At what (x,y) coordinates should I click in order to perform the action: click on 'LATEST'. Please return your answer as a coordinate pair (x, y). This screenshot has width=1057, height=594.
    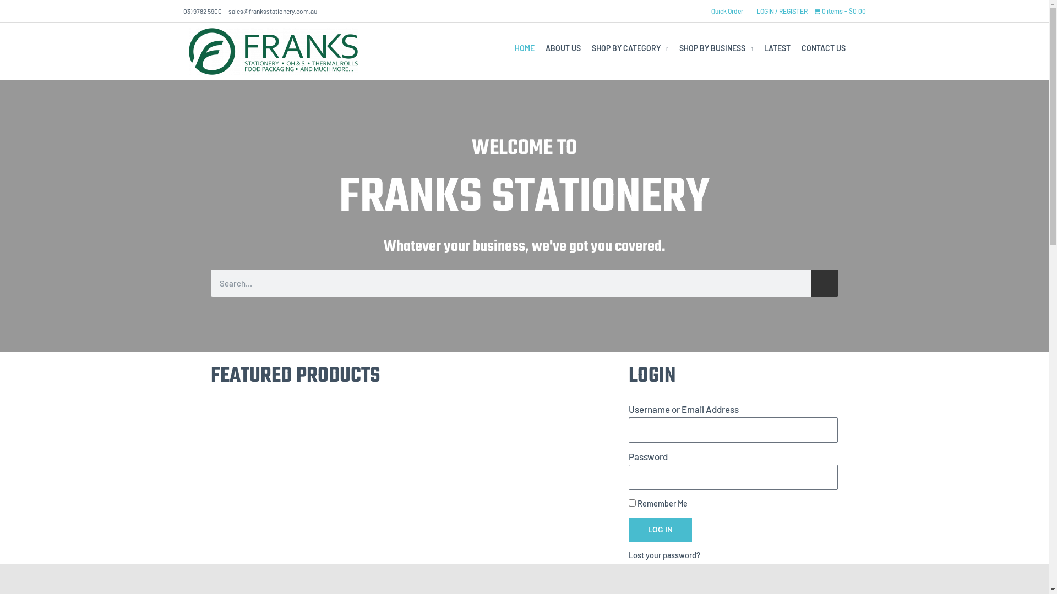
    Looking at the image, I should click on (776, 48).